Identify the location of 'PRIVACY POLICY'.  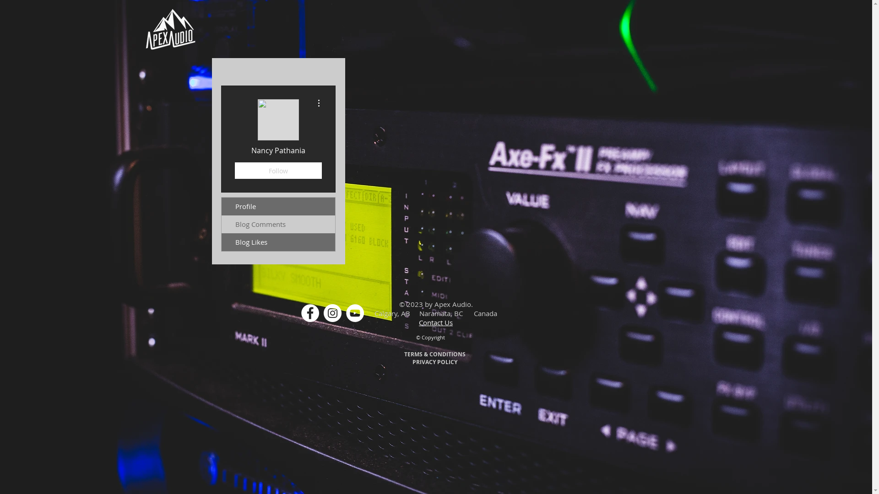
(434, 361).